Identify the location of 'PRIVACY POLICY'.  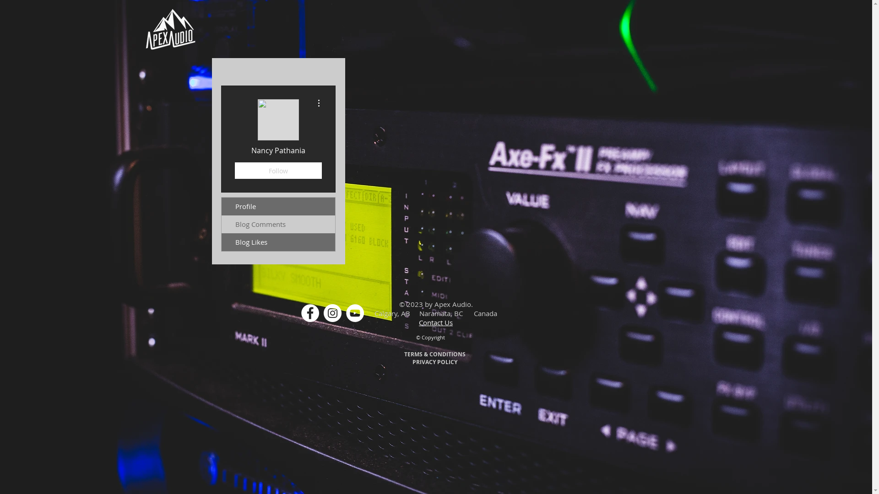
(434, 361).